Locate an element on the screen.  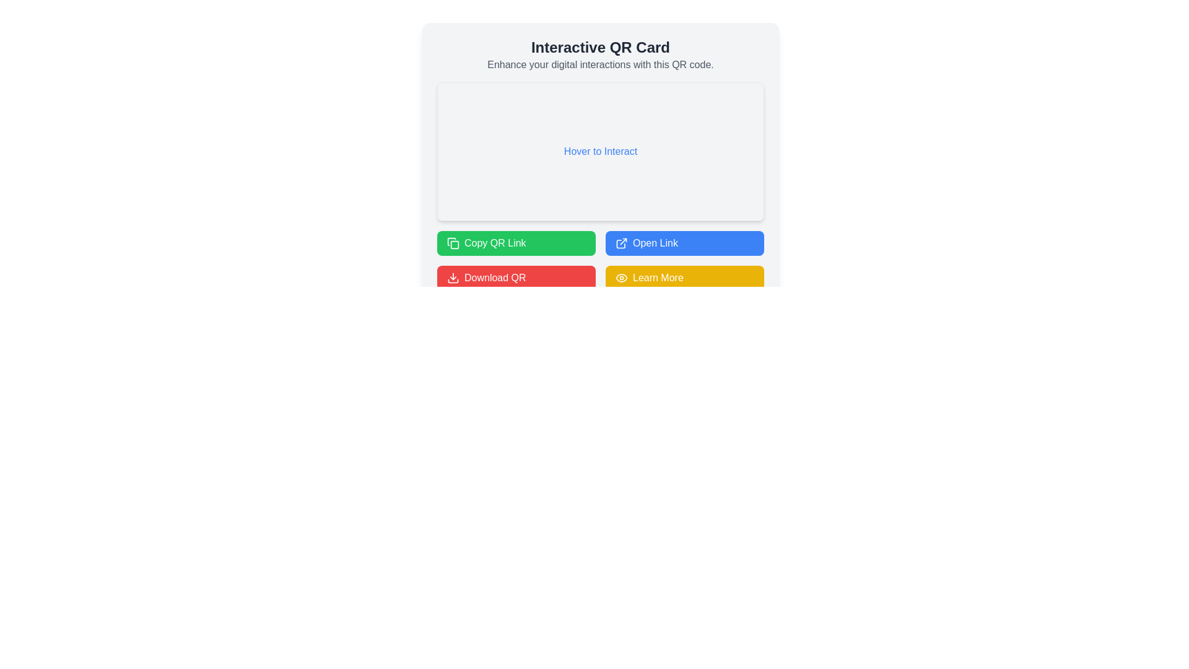
the green button containing the copy QR link icon, which is located at the far-left side of the button labeled 'Copy QR Link' is located at coordinates (452, 243).